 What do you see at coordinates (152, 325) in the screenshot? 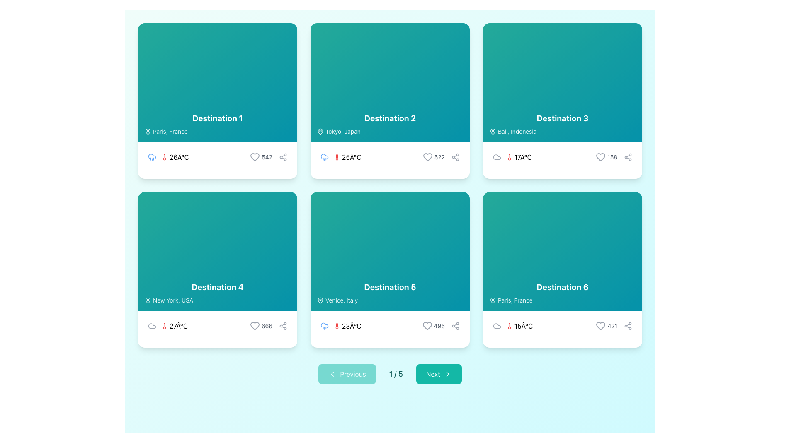
I see `the cloud-shaped icon located within the fourth card ('Destination 4') in the grid layout, positioned to the left of the temperature text ('27°C')` at bounding box center [152, 325].